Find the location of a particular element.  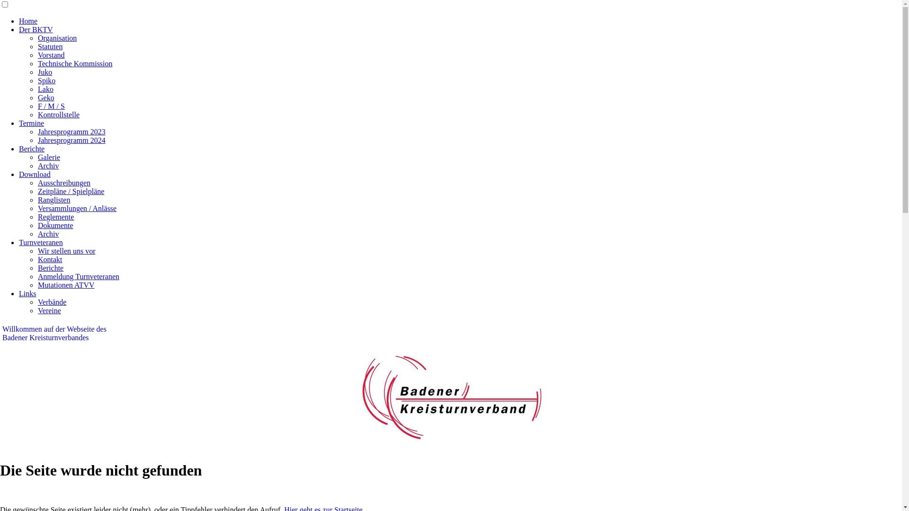

'Termine' is located at coordinates (31, 123).